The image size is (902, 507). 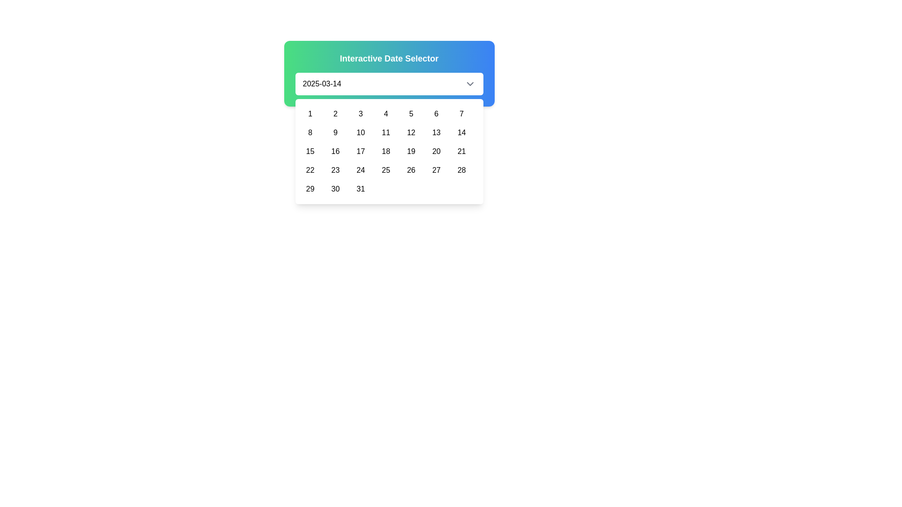 I want to click on the button labeled '10' in the calendar interface to trigger its hover effect, so click(x=360, y=132).